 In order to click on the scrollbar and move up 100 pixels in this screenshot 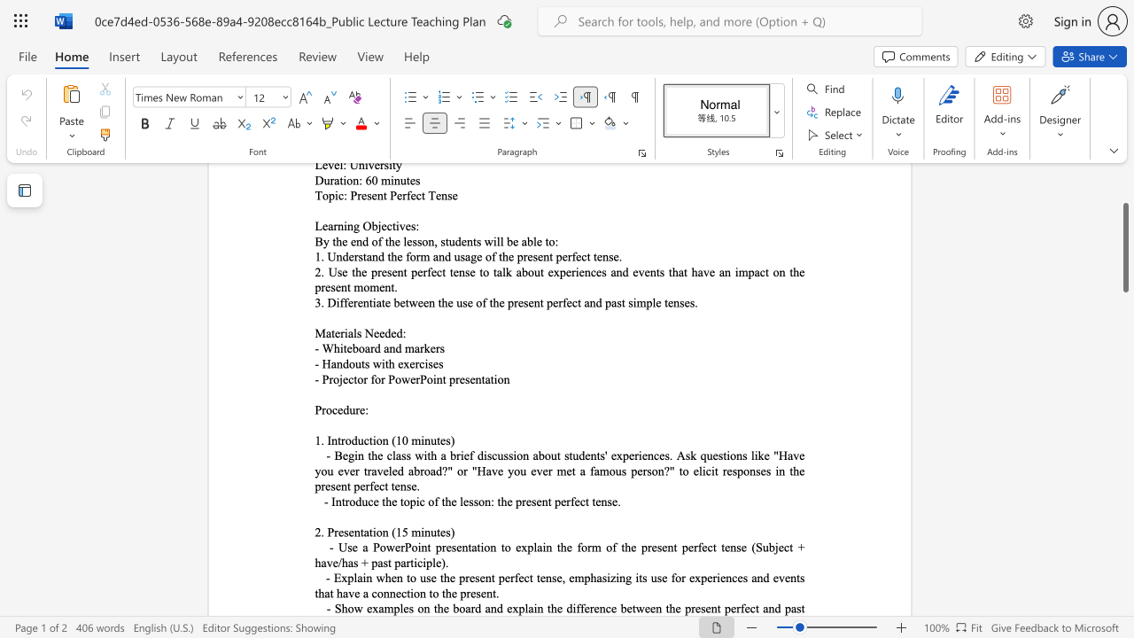, I will do `click(1124, 247)`.